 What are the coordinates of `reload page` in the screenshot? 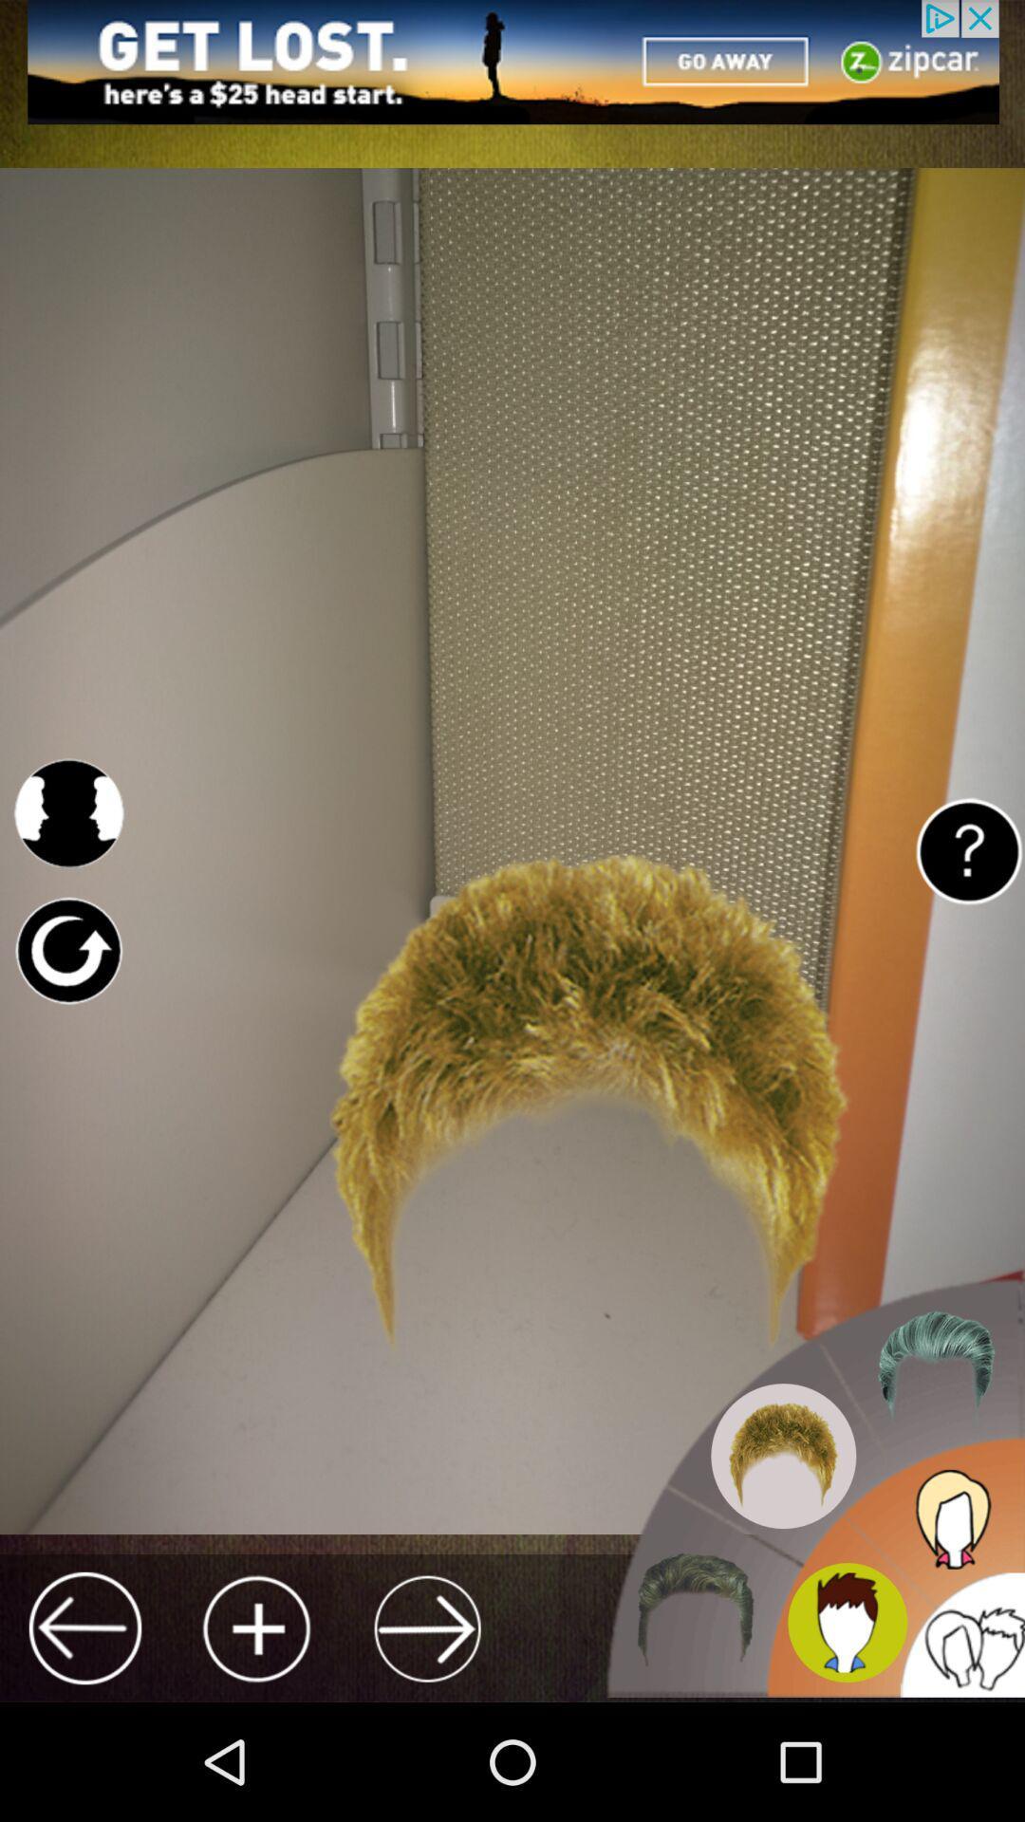 It's located at (67, 951).